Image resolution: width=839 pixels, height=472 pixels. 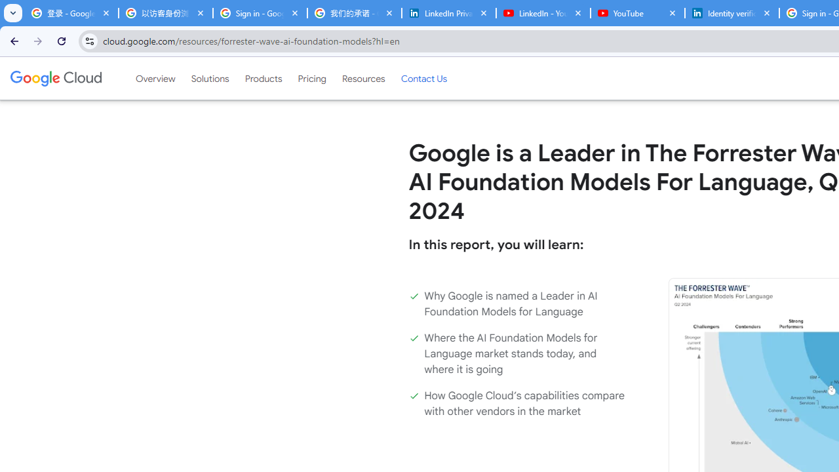 What do you see at coordinates (637, 13) in the screenshot?
I see `'YouTube'` at bounding box center [637, 13].